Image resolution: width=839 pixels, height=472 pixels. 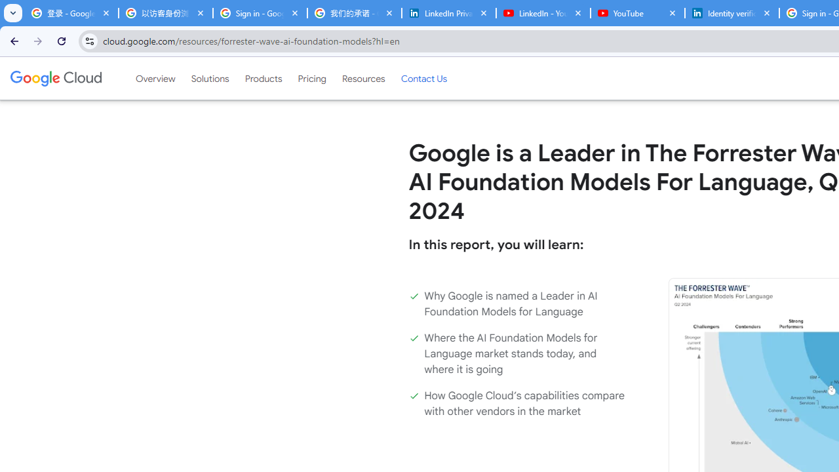 What do you see at coordinates (637, 13) in the screenshot?
I see `'YouTube'` at bounding box center [637, 13].